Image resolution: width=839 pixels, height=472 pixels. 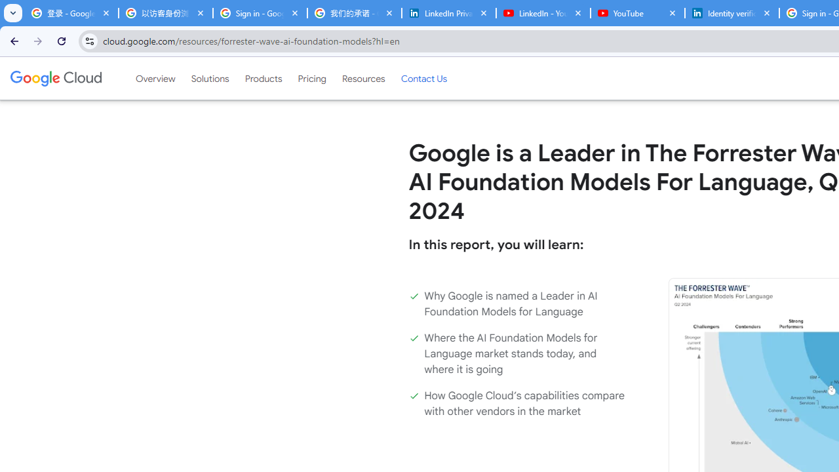 What do you see at coordinates (637, 13) in the screenshot?
I see `'YouTube'` at bounding box center [637, 13].